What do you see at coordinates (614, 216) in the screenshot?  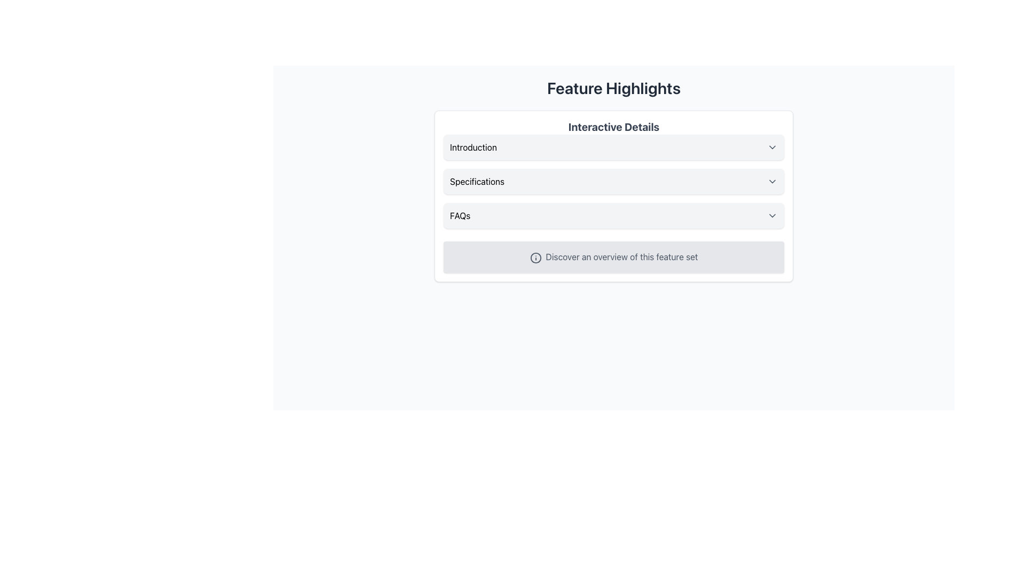 I see `the 'FAQs' dropdown menu item located in the 'Interactive Details' section` at bounding box center [614, 216].